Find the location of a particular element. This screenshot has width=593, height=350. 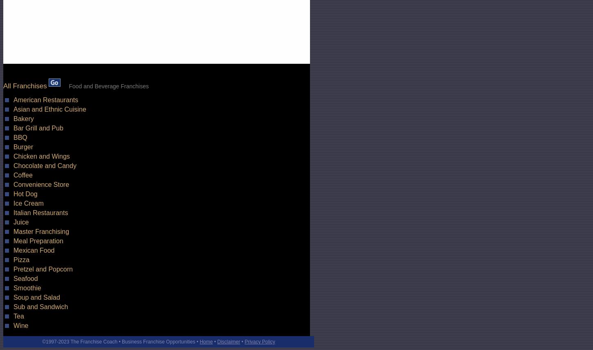

'Bakery' is located at coordinates (13, 119).